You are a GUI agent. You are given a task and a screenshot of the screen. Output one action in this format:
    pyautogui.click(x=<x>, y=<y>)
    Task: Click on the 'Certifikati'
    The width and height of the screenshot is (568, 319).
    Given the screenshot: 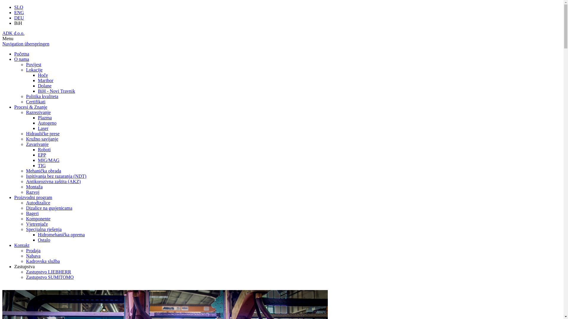 What is the action you would take?
    pyautogui.click(x=25, y=101)
    